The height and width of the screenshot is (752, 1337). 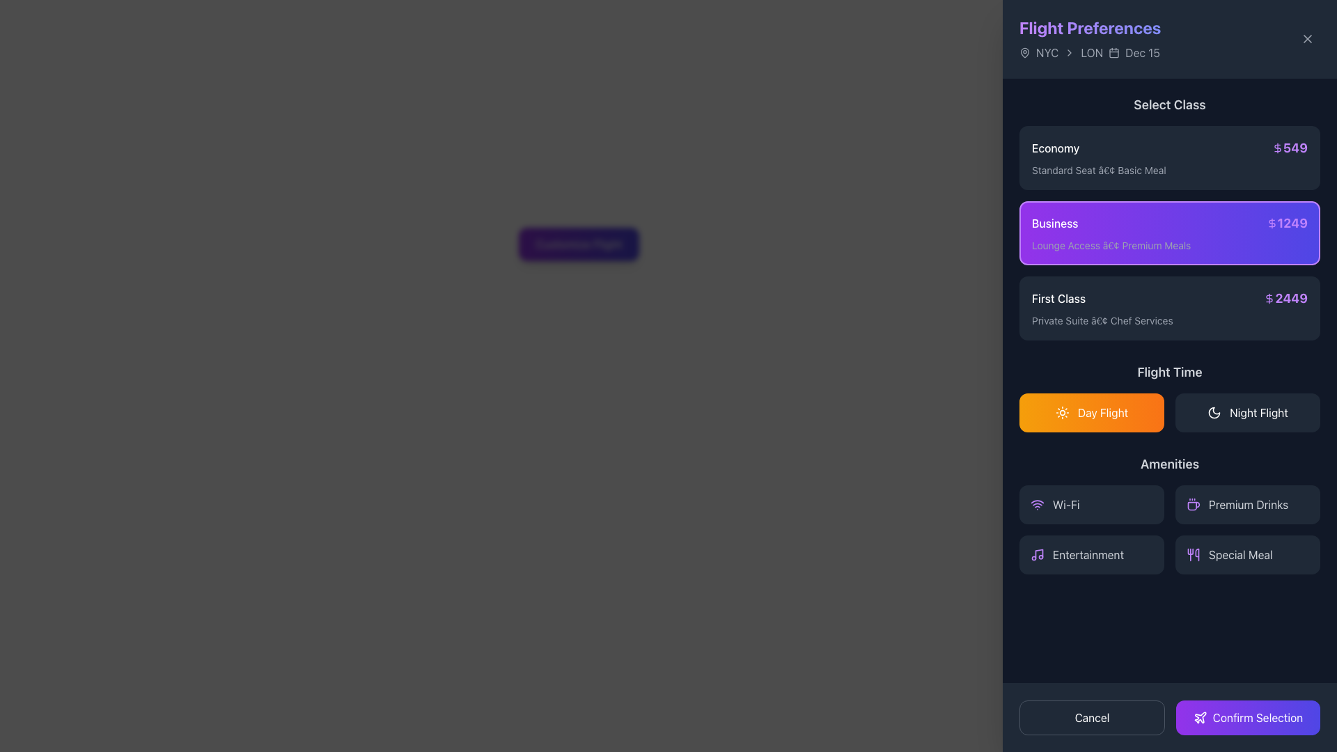 I want to click on the 'Special Meal' text label, which is styled in light gray and located in the bottom-right section of the interface within the 'Amenities' options grid, so click(x=1240, y=554).